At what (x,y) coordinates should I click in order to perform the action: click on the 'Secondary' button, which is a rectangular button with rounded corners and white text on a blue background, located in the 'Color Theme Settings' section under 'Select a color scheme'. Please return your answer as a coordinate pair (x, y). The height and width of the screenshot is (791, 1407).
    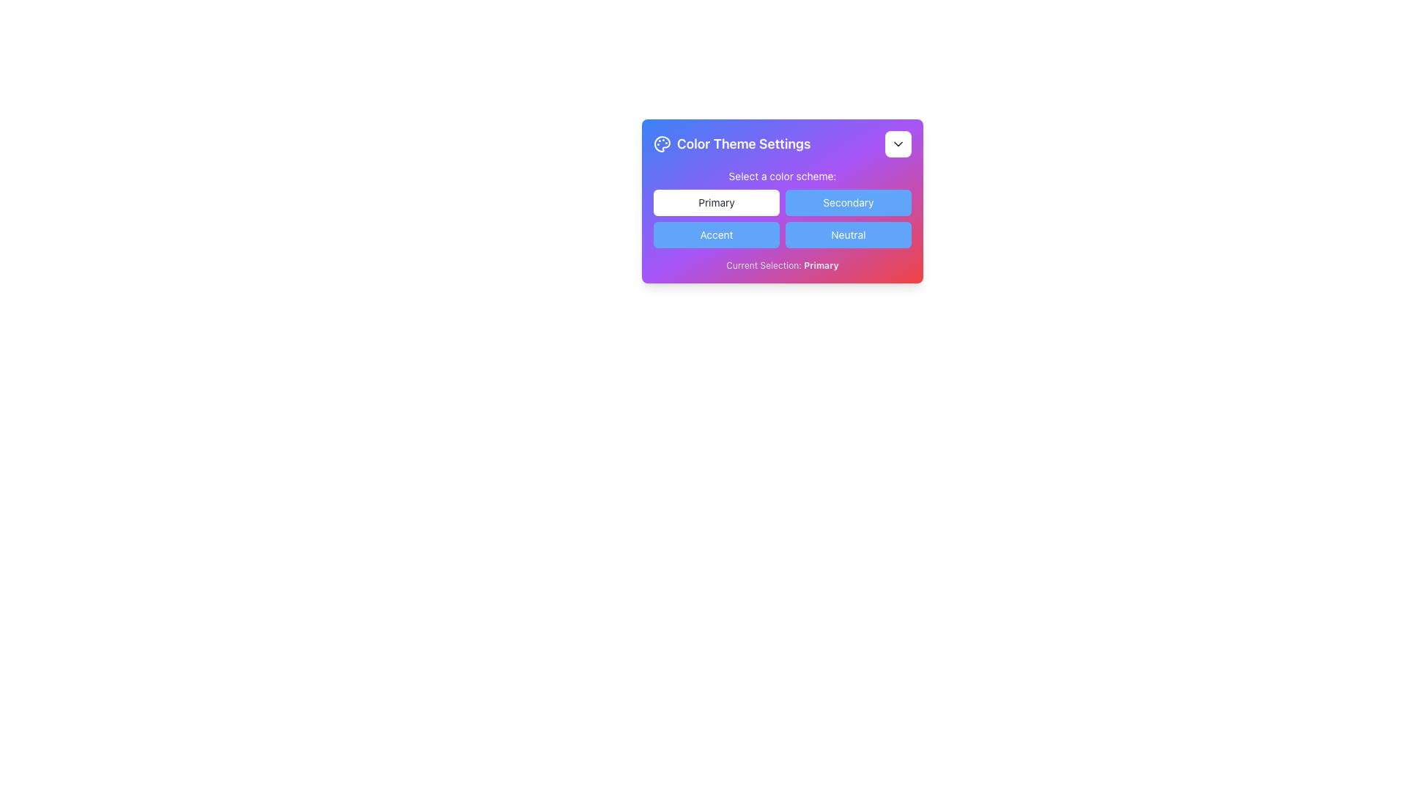
    Looking at the image, I should click on (848, 203).